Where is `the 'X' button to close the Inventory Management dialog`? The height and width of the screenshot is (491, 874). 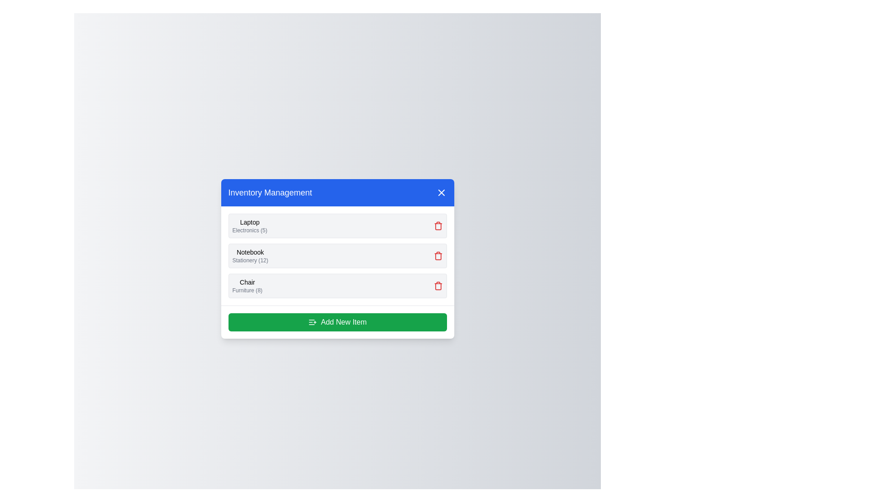
the 'X' button to close the Inventory Management dialog is located at coordinates (441, 192).